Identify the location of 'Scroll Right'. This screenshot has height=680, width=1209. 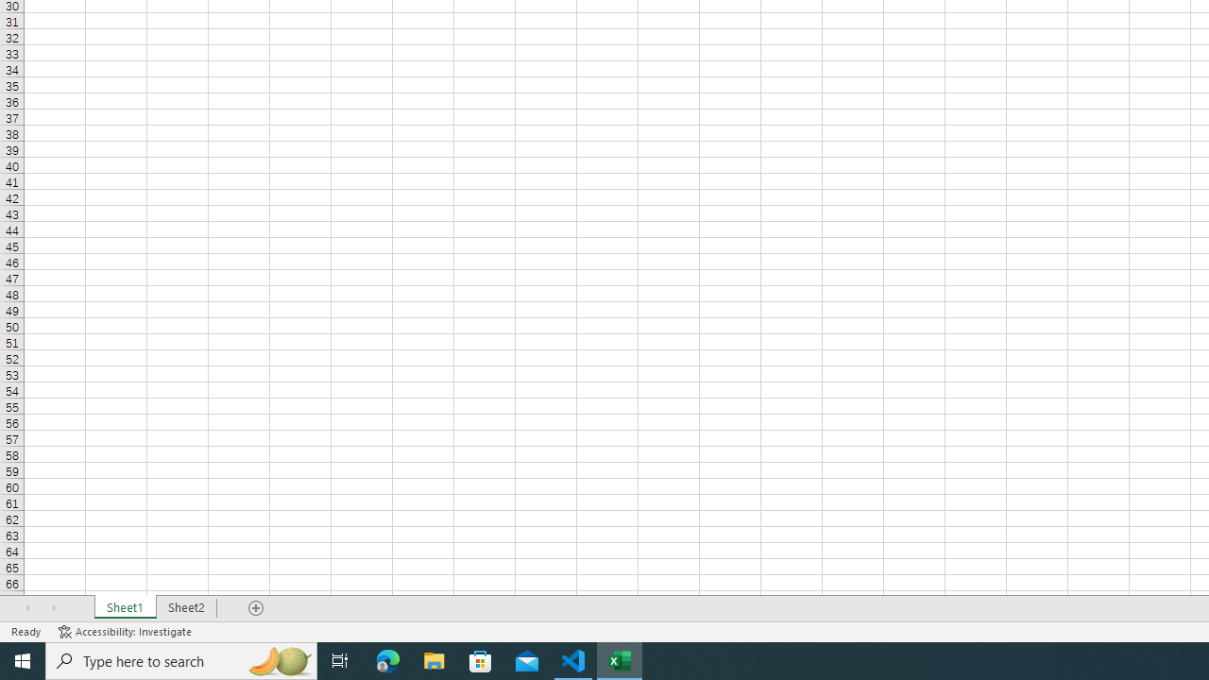
(54, 608).